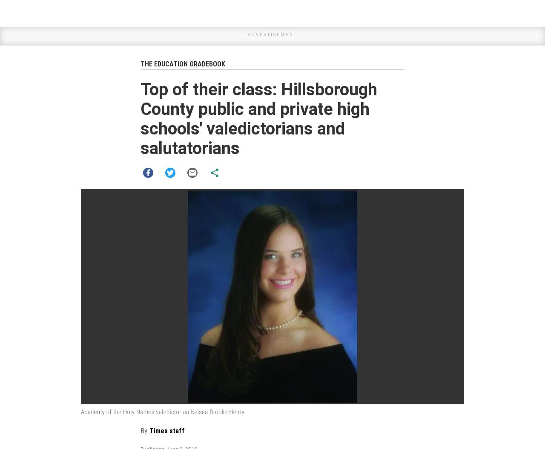 The width and height of the screenshot is (545, 449). I want to click on 'GPA: 5.15', so click(157, 429).